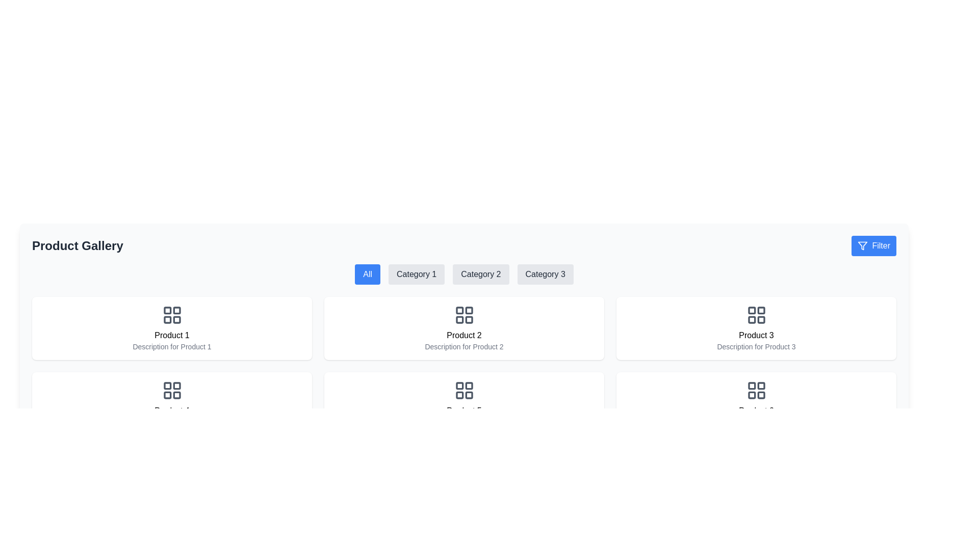  What do you see at coordinates (752, 310) in the screenshot?
I see `the top-left cell of the grid icon that is visually enclosed within a larger grid icon, located above the label 'Product 3'` at bounding box center [752, 310].